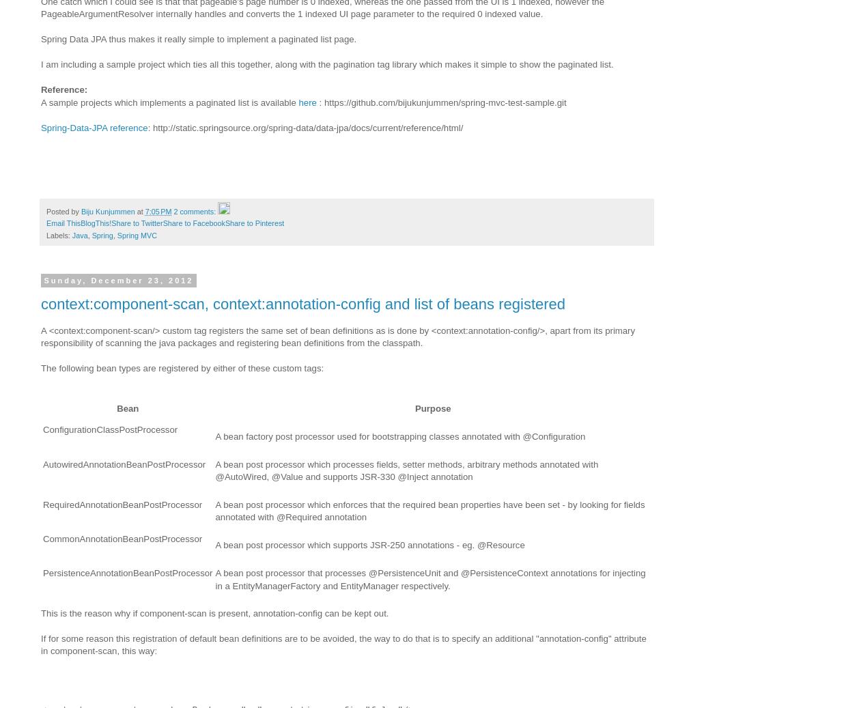 This screenshot has width=859, height=708. I want to click on 'Share to Pinterest', so click(223, 222).